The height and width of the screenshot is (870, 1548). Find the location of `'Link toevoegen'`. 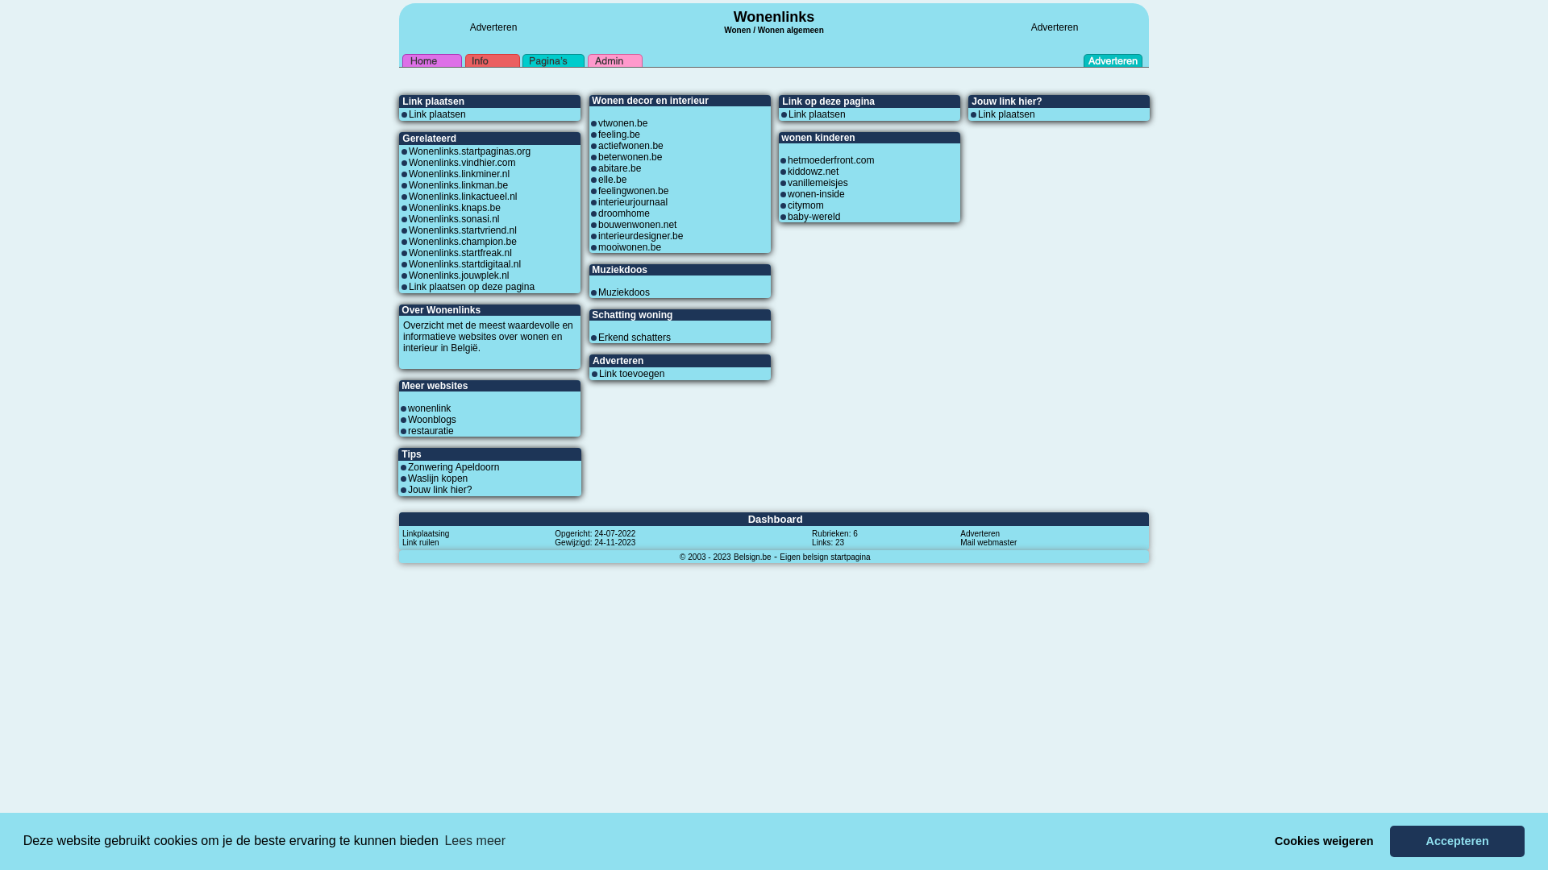

'Link toevoegen' is located at coordinates (630, 373).